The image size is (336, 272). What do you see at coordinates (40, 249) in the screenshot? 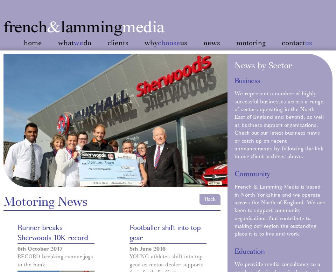
I see `'6th October 2017'` at bounding box center [40, 249].